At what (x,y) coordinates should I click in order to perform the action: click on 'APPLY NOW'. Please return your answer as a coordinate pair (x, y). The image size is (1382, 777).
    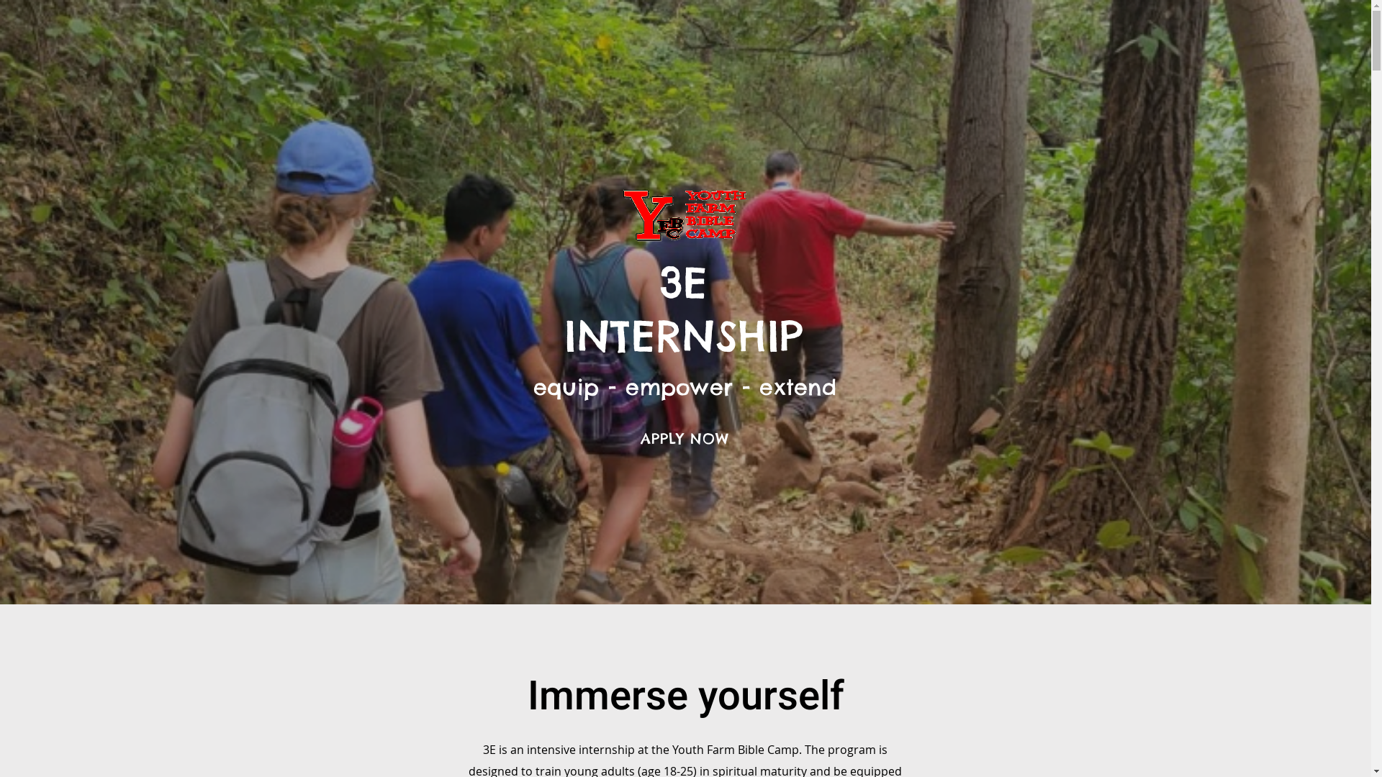
    Looking at the image, I should click on (683, 437).